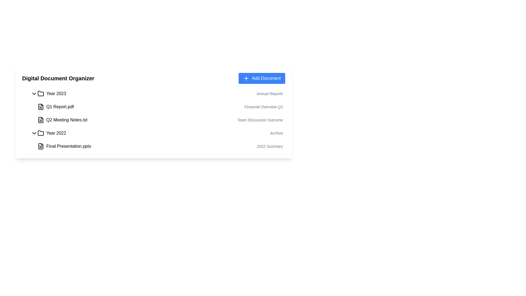 Image resolution: width=526 pixels, height=296 pixels. I want to click on the blue rectangular 'Add Document' button with a white plus icon located in the top-right corner of the 'Digital Document Organizer' section, so click(262, 78).